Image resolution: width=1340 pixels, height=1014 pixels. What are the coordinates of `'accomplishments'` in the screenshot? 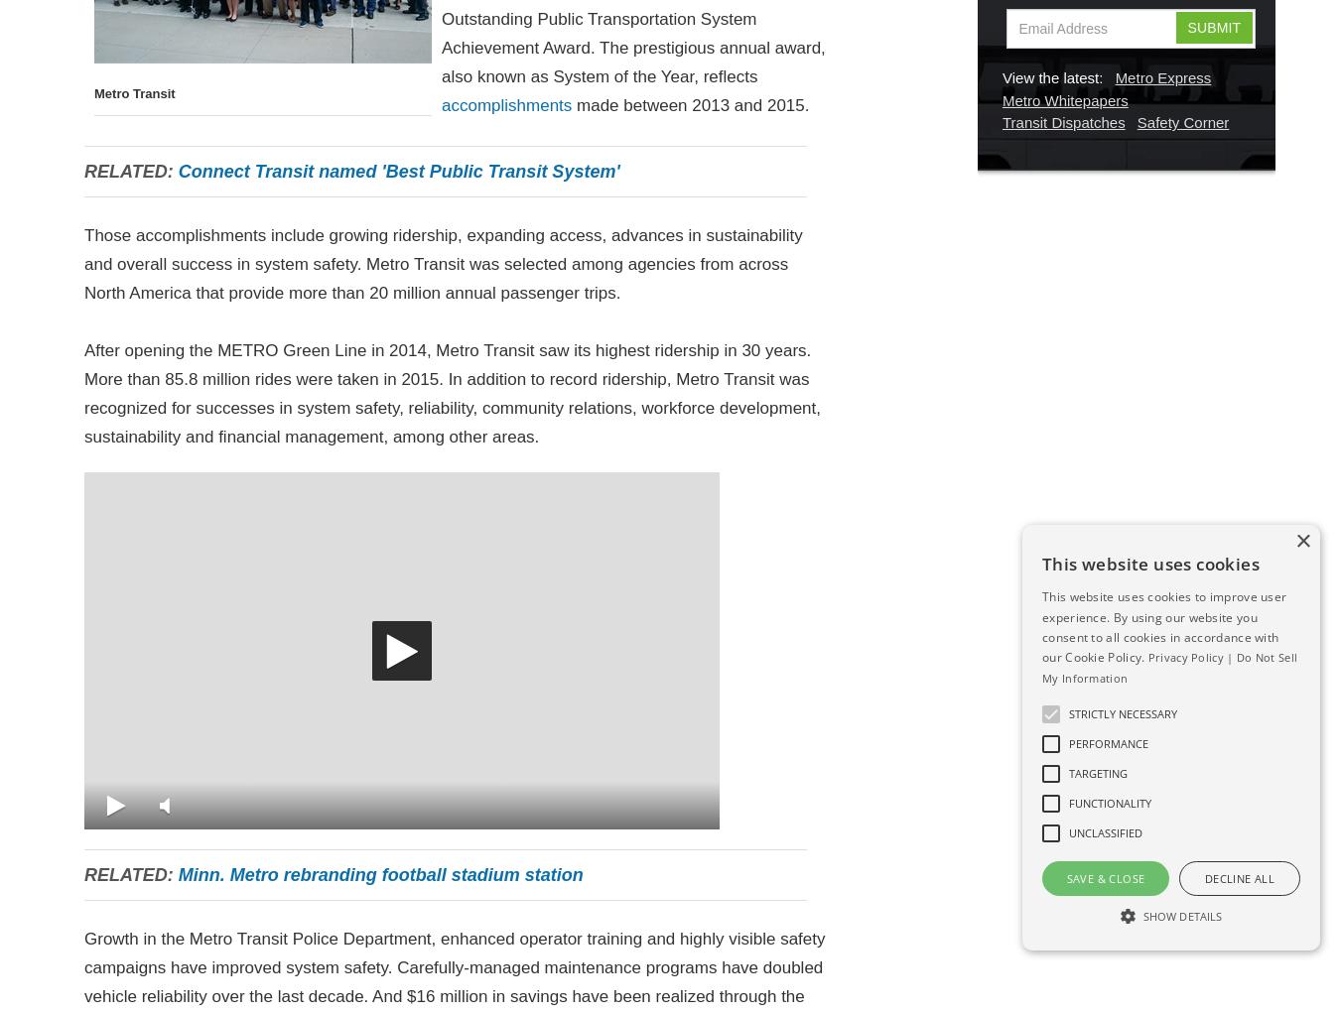 It's located at (505, 103).